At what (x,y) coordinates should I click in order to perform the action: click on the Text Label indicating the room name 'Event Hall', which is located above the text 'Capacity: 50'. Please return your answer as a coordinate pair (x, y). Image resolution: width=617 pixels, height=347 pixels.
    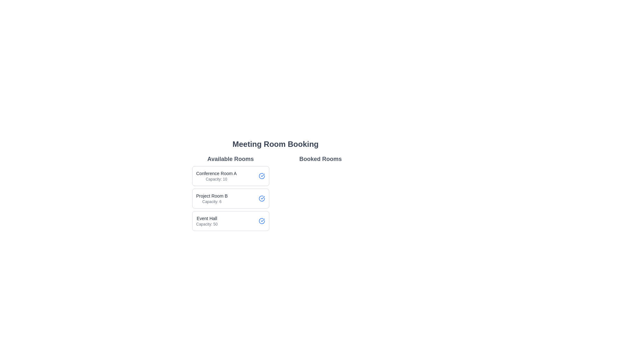
    Looking at the image, I should click on (207, 218).